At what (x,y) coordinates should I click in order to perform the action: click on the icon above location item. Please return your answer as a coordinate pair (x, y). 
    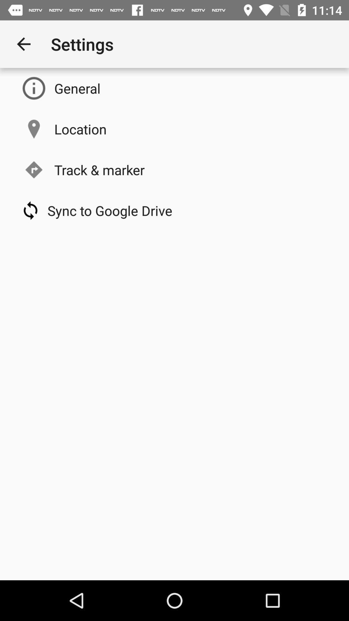
    Looking at the image, I should click on (77, 88).